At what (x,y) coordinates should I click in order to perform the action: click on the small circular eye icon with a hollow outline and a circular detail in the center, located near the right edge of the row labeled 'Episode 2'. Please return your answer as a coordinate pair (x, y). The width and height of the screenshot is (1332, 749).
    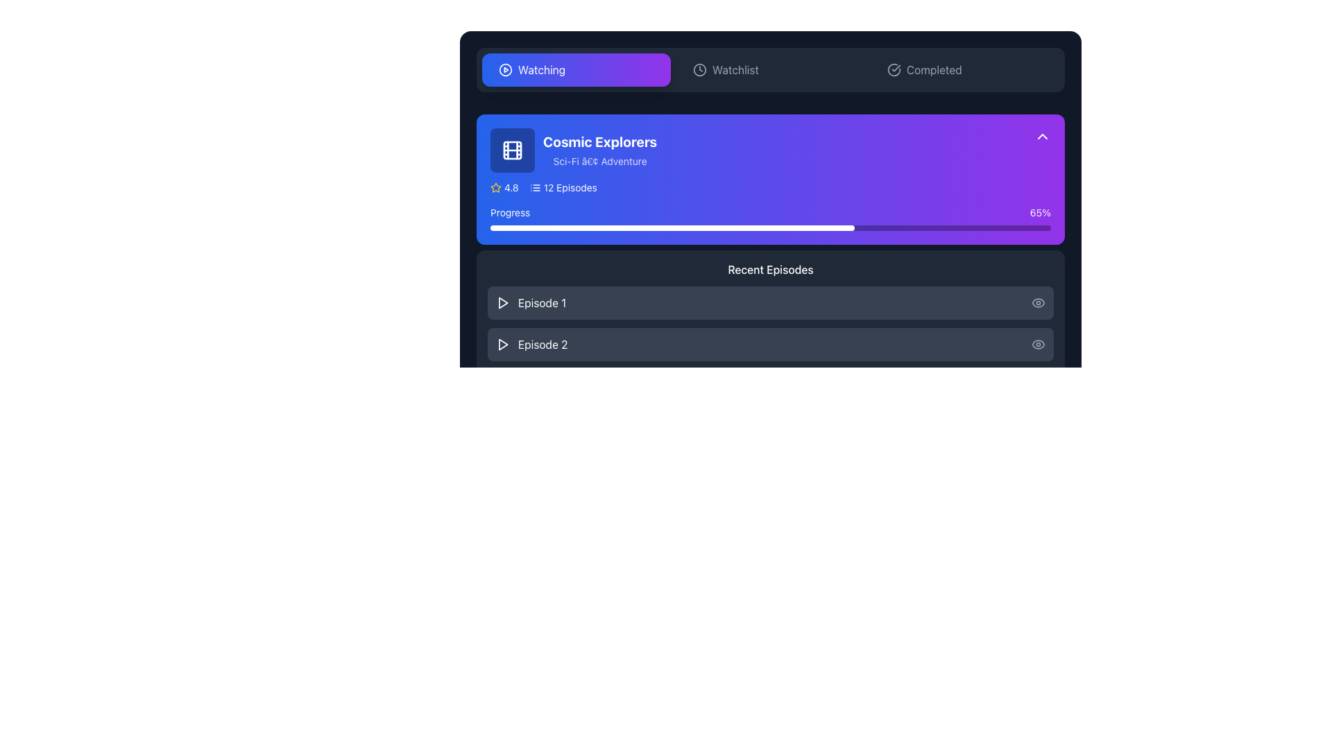
    Looking at the image, I should click on (1039, 344).